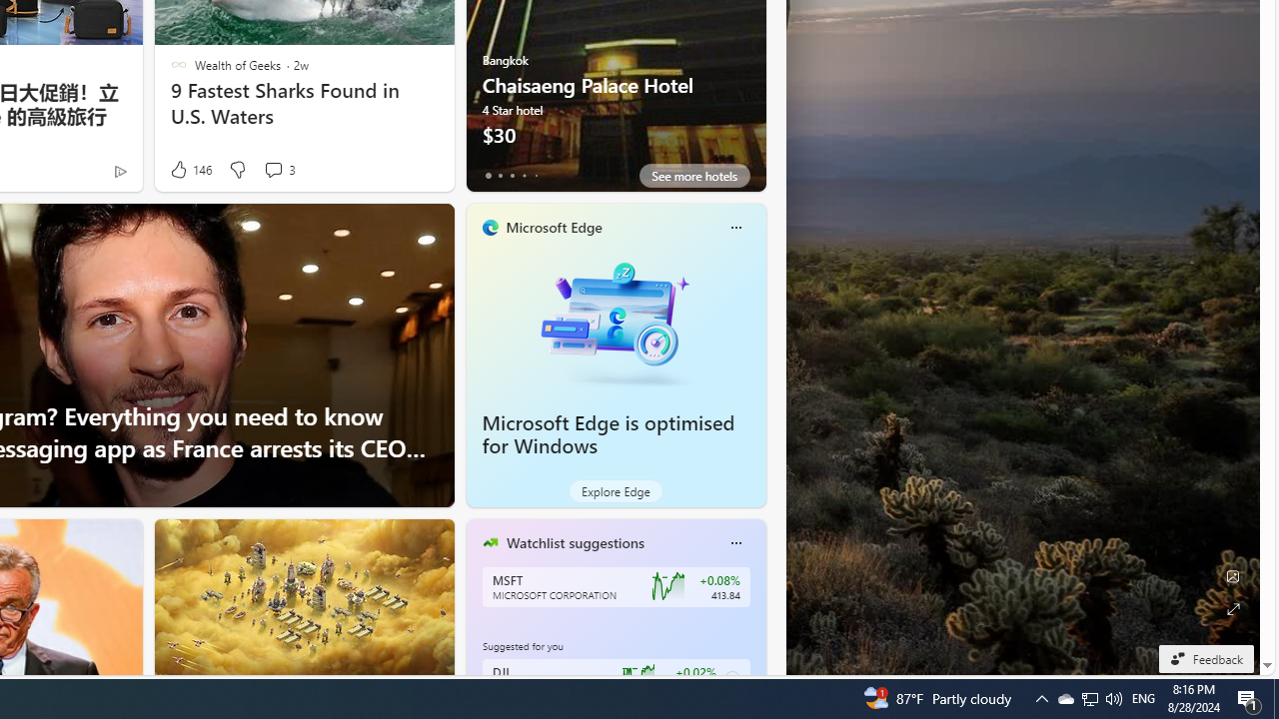 This screenshot has width=1279, height=719. Describe the element at coordinates (554, 226) in the screenshot. I see `'Microsoft Edge'` at that location.